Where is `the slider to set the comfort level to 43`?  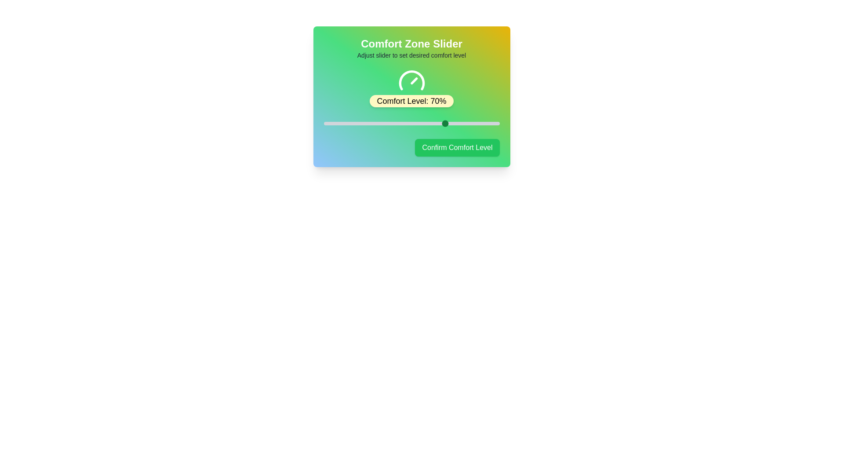 the slider to set the comfort level to 43 is located at coordinates (399, 124).